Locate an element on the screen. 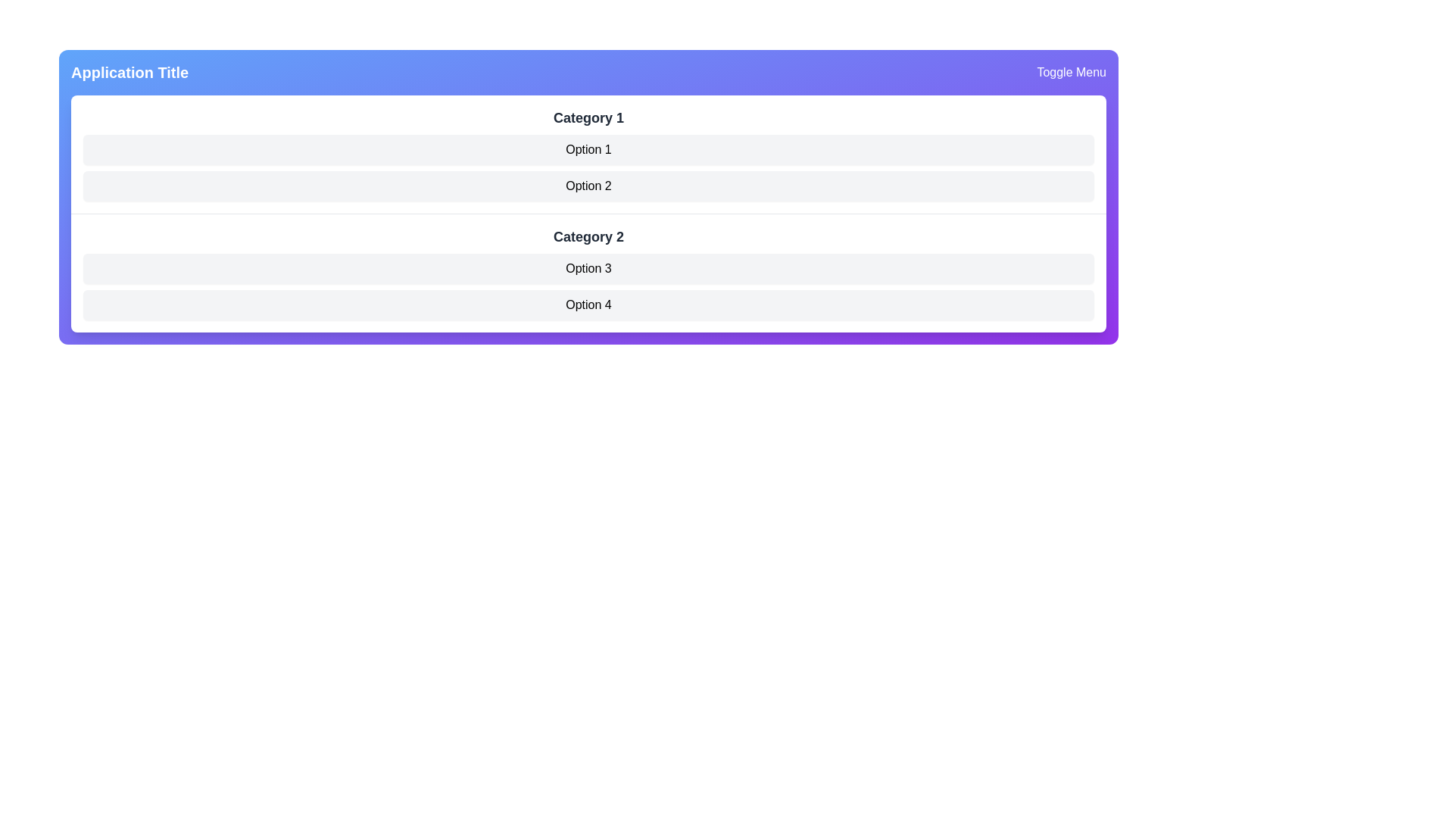 This screenshot has width=1454, height=818. the text label that serves as the title or heading for the application, located in the top-left corner of the blue gradient header bar is located at coordinates (129, 73).